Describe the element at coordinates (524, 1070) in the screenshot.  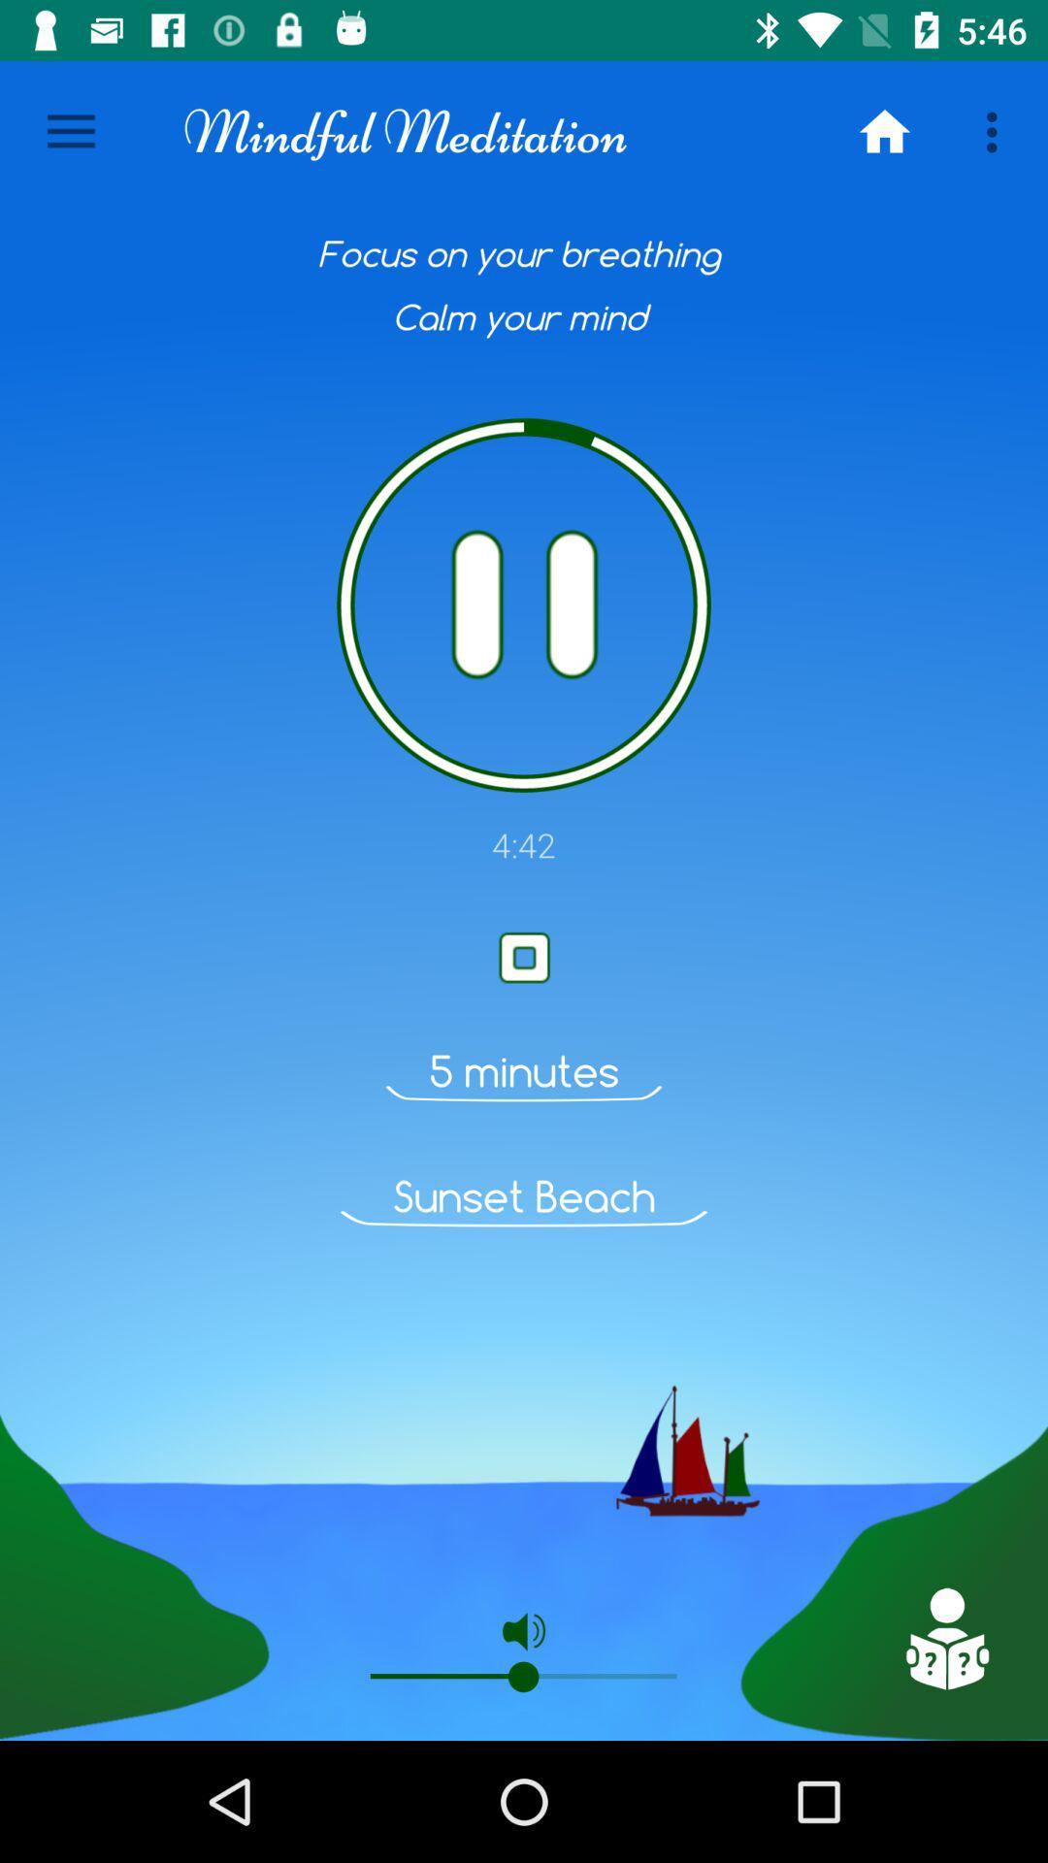
I see `5 minutes   item` at that location.